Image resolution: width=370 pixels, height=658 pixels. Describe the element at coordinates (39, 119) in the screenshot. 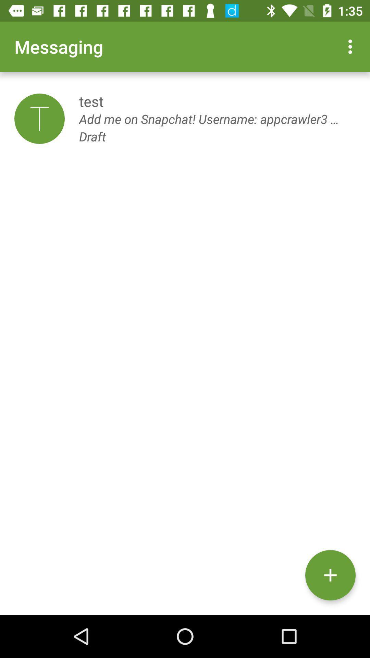

I see `item below the messaging item` at that location.